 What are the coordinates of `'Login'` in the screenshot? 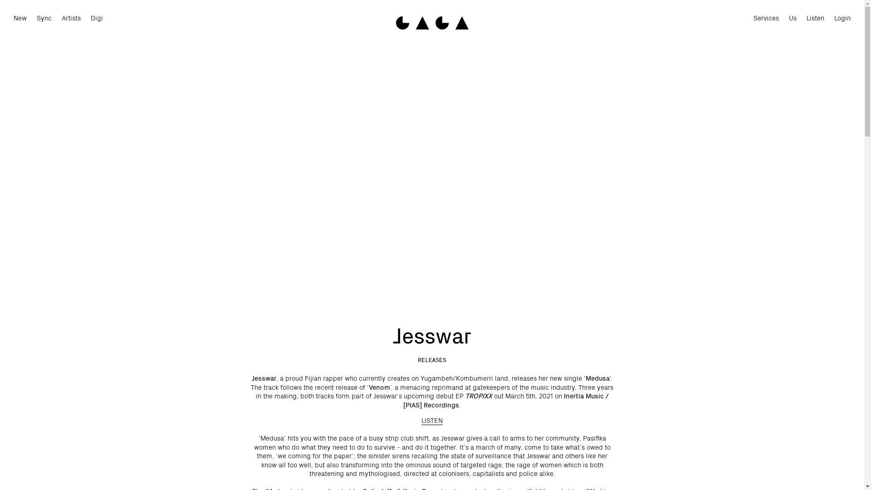 It's located at (842, 18).